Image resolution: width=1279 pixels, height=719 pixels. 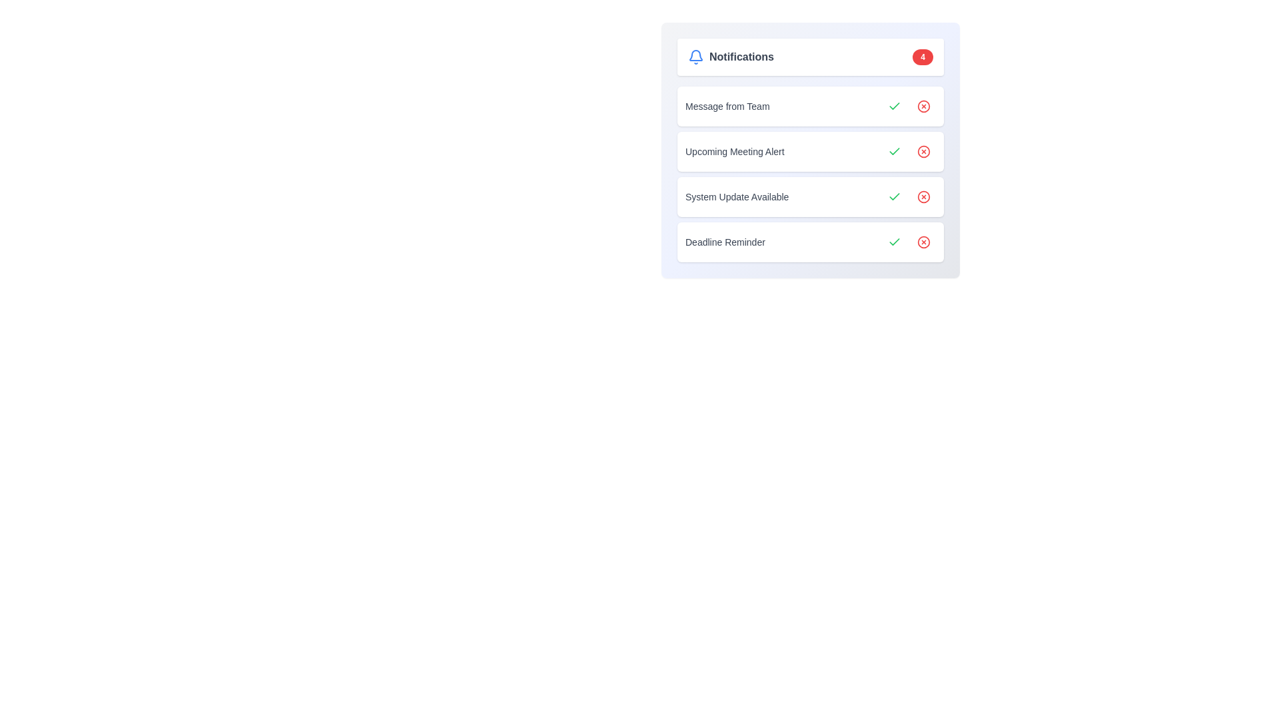 I want to click on the status indication of the 'done' icon associated with the second notification titled 'Upcoming Meeting Alert' located within the notification card interface, so click(x=895, y=105).